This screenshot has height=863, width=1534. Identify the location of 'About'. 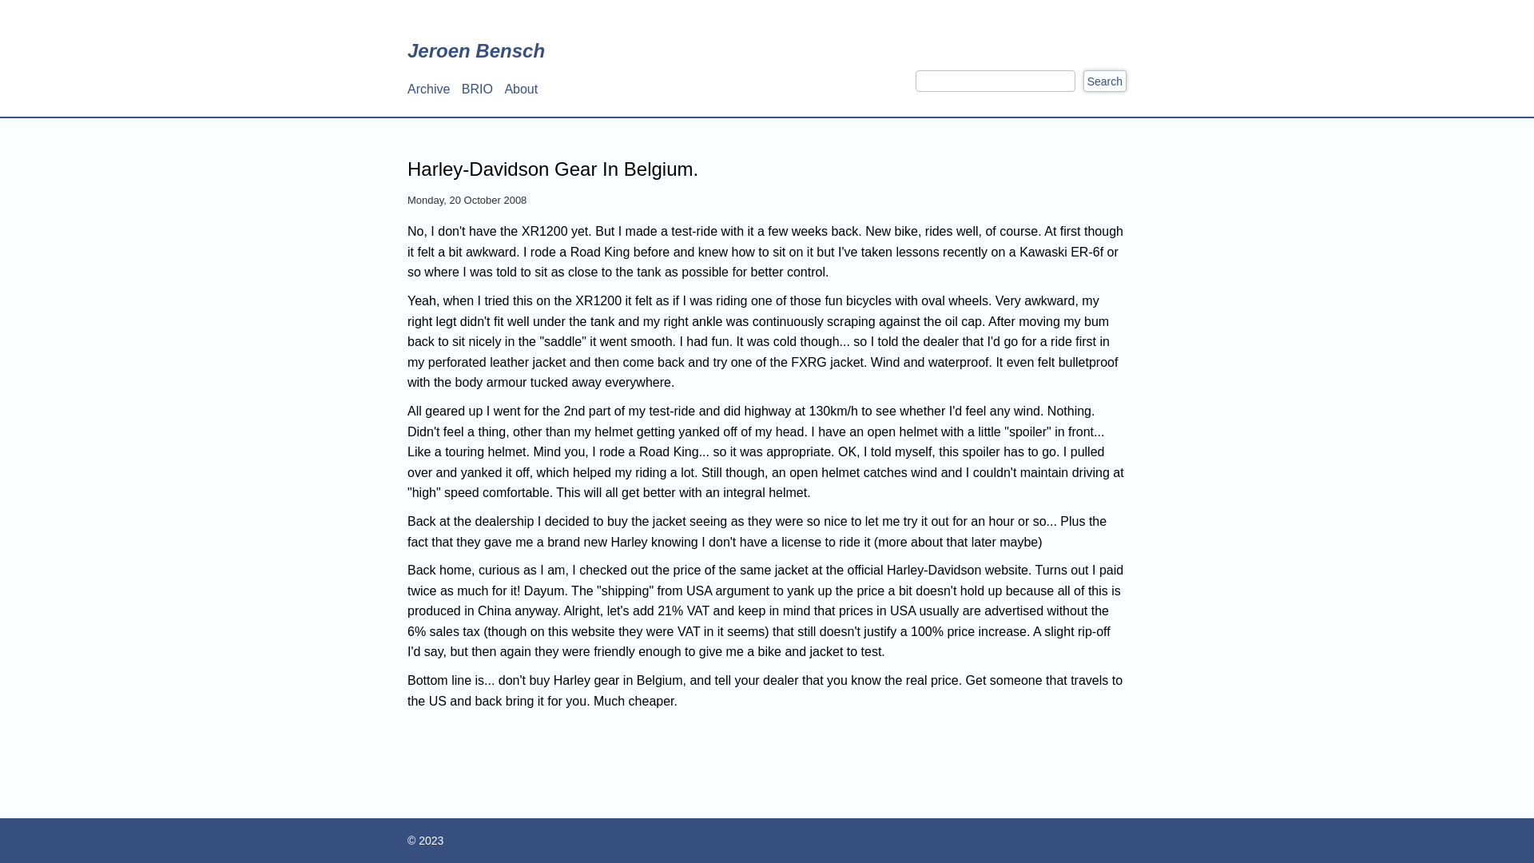
(521, 89).